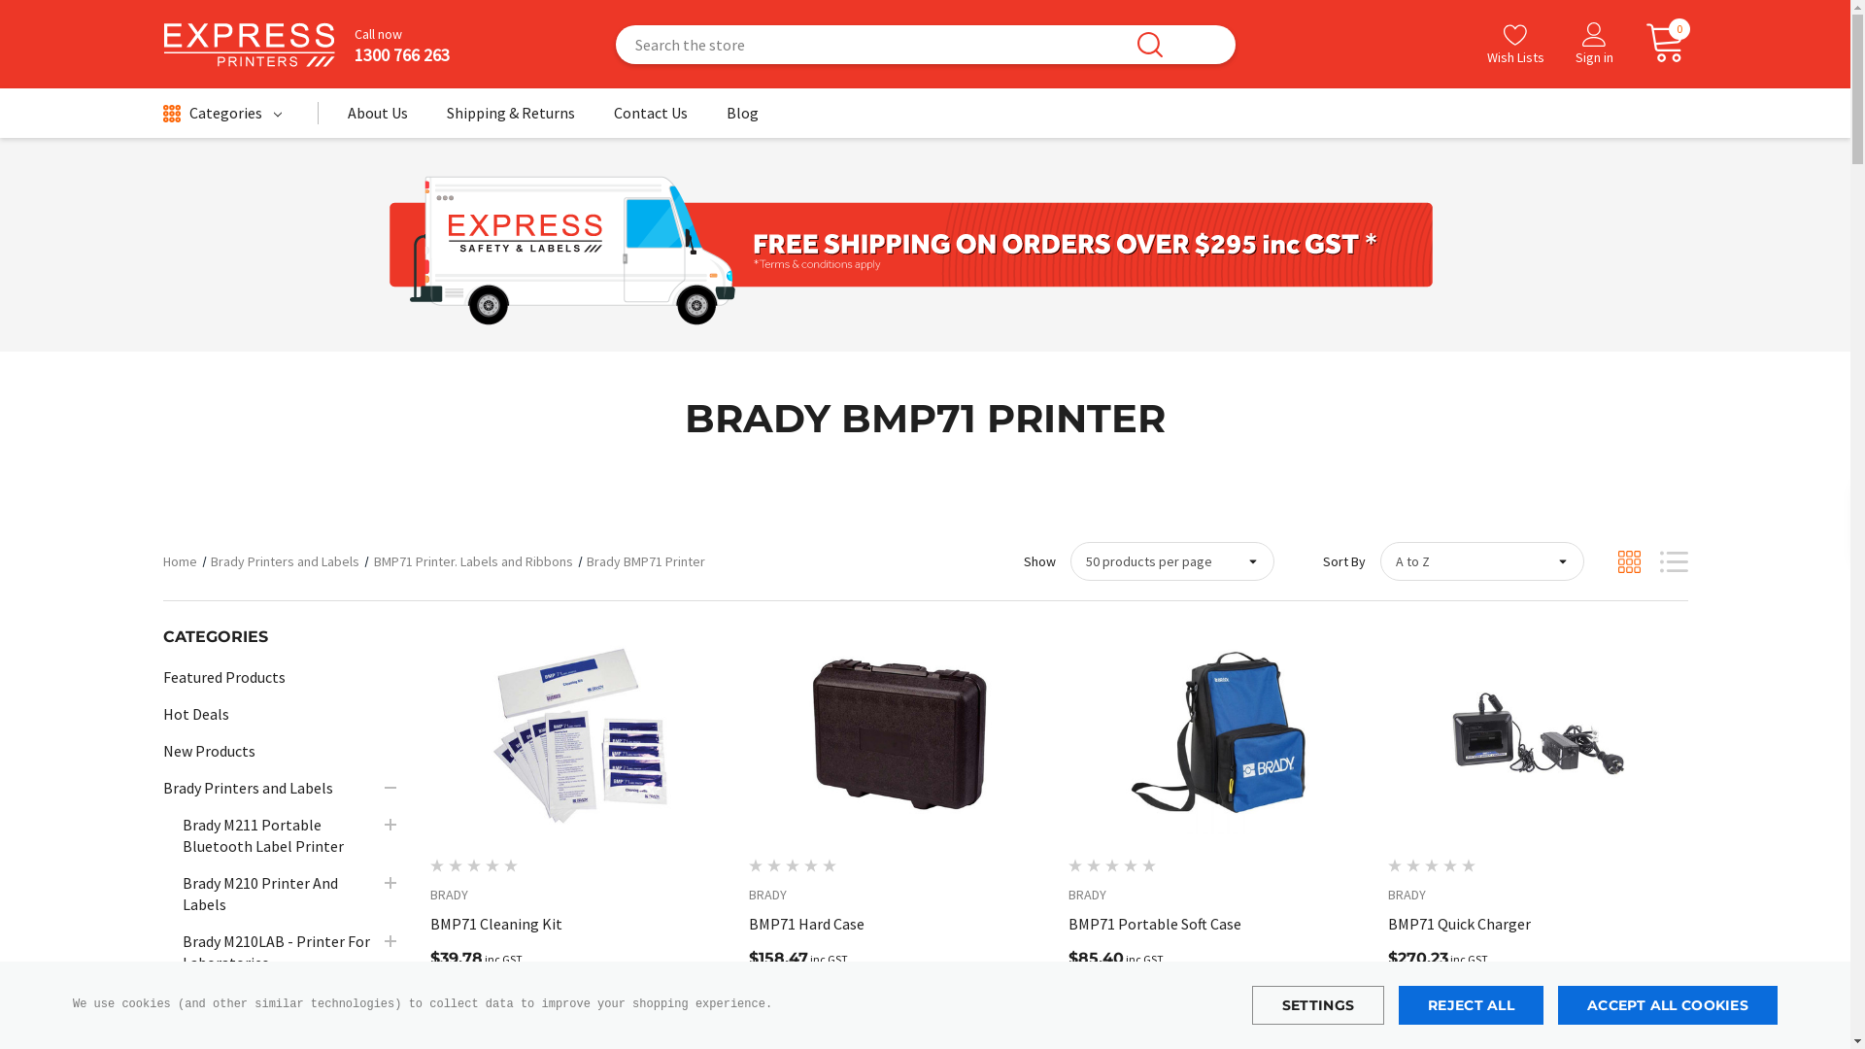 The height and width of the screenshot is (1049, 1865). I want to click on 'Express Safety', so click(248, 44).